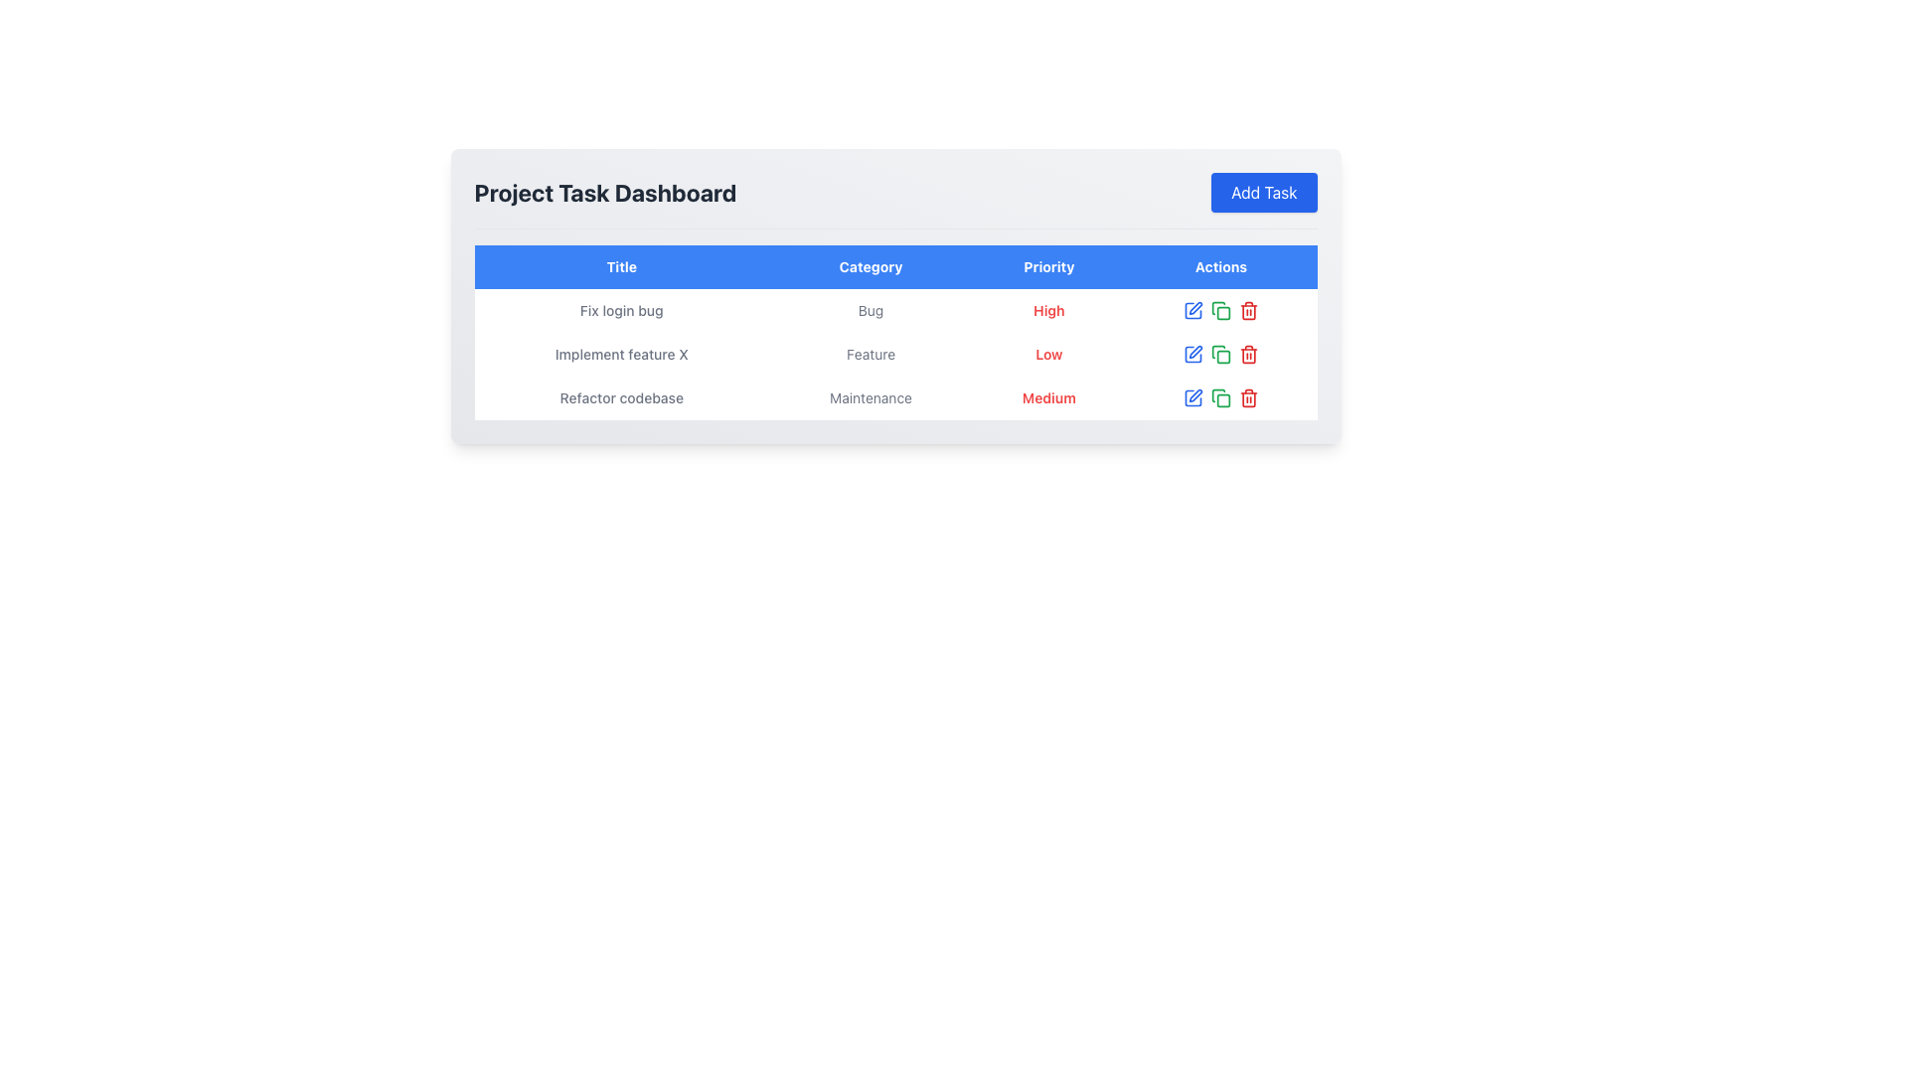 Image resolution: width=1908 pixels, height=1073 pixels. What do you see at coordinates (871, 398) in the screenshot?
I see `the text label displaying 'Maintenance' located in the third row of the main content table under the 'Category' column, adjacent to the 'Refactor codebase' task description` at bounding box center [871, 398].